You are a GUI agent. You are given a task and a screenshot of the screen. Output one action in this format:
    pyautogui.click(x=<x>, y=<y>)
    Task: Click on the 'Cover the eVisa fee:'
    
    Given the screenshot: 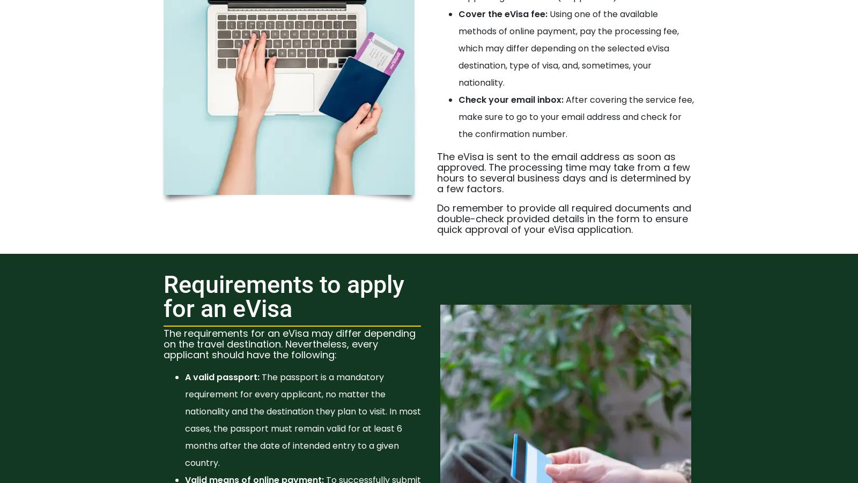 What is the action you would take?
    pyautogui.click(x=458, y=13)
    